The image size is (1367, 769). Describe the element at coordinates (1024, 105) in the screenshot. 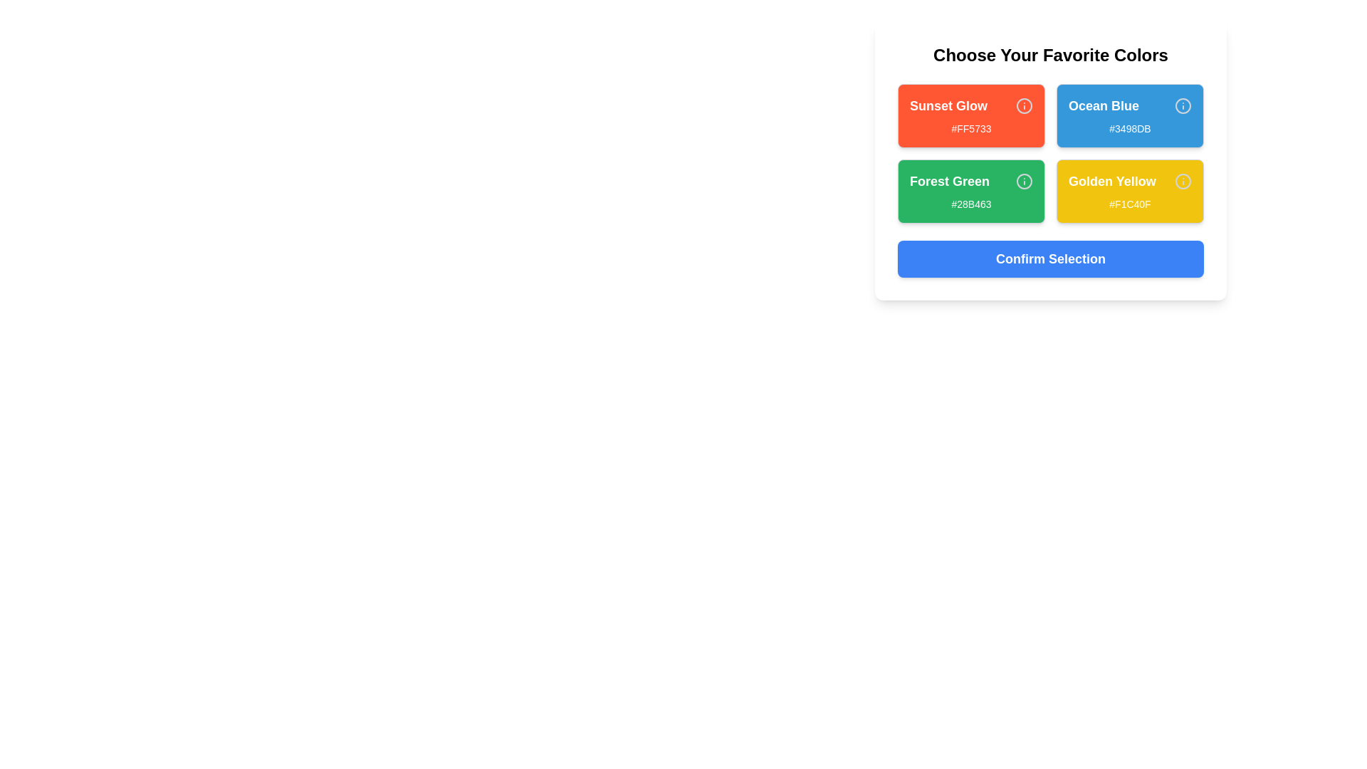

I see `the 'Info' icon for the color Sunset Glow` at that location.